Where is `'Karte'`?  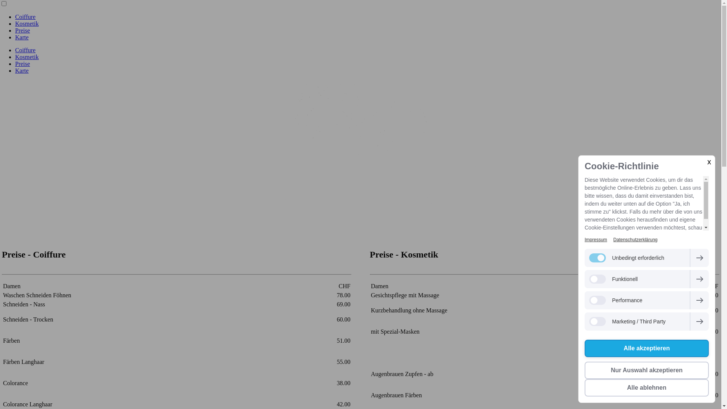
'Karte' is located at coordinates (22, 37).